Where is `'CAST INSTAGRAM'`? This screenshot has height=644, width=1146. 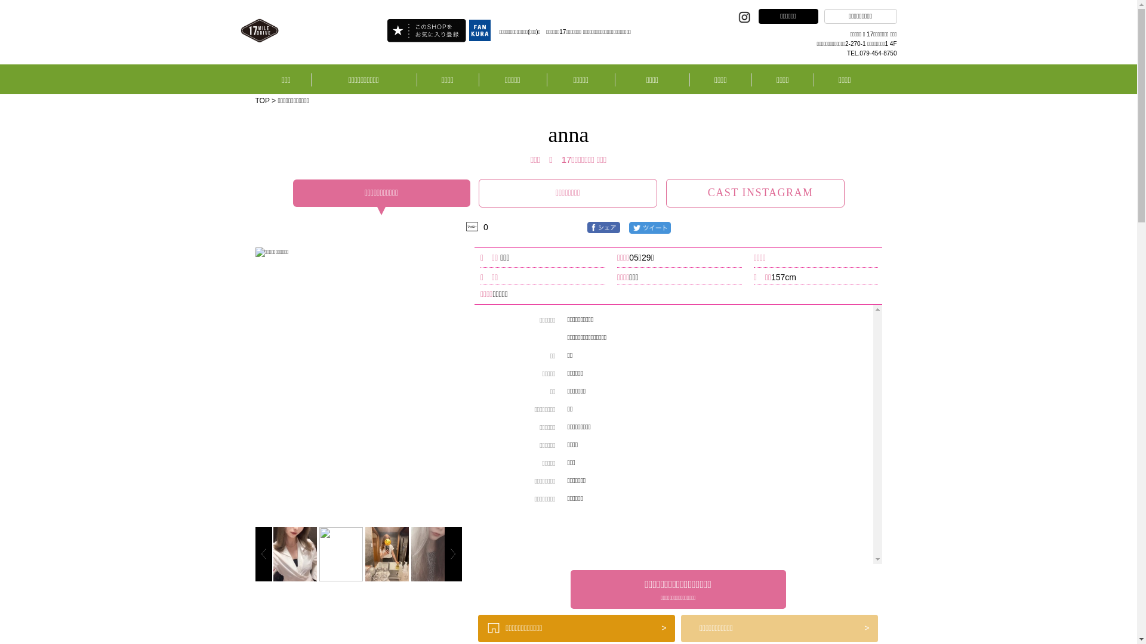 'CAST INSTAGRAM' is located at coordinates (754, 192).